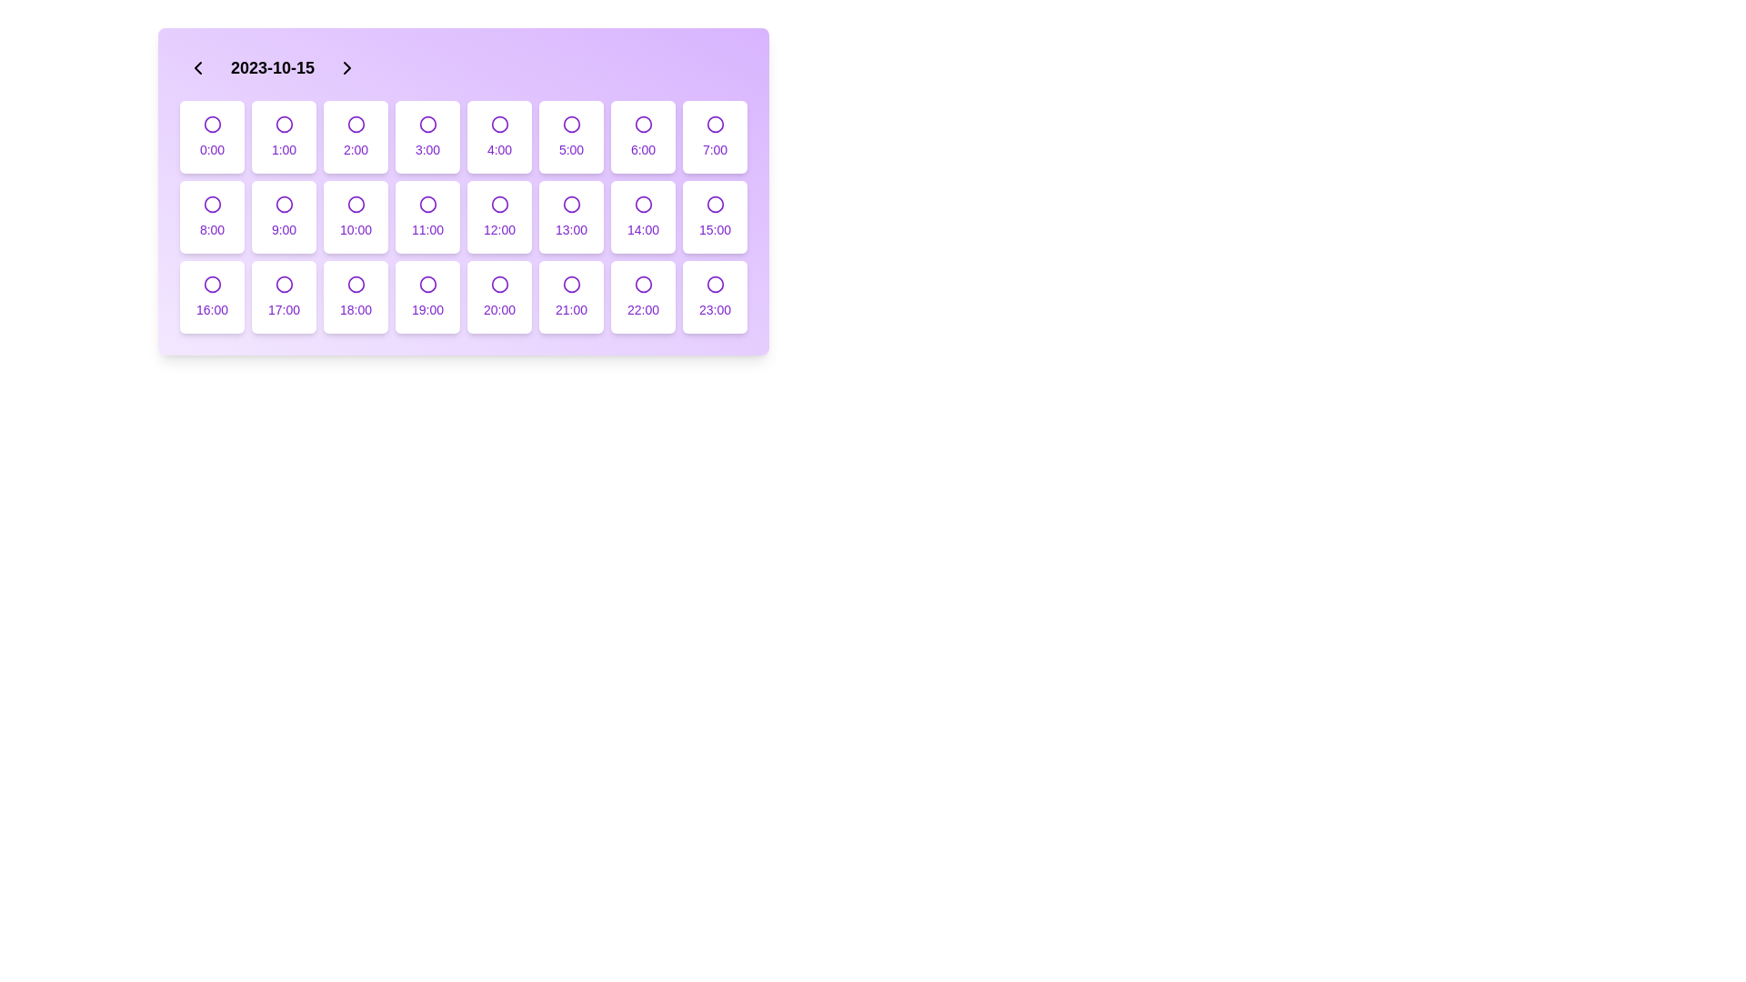 Image resolution: width=1746 pixels, height=982 pixels. What do you see at coordinates (426, 124) in the screenshot?
I see `the SVG Icon that represents selection or availability within the '3:00' card, positioned at the top center of the card` at bounding box center [426, 124].